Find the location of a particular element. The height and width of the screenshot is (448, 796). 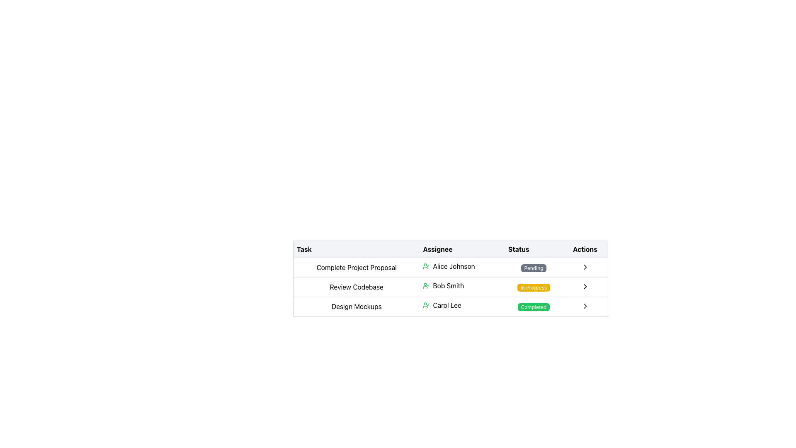

the text label that reads 'Complete Project Proposal' located in the 'Task' column of the table is located at coordinates (356, 267).